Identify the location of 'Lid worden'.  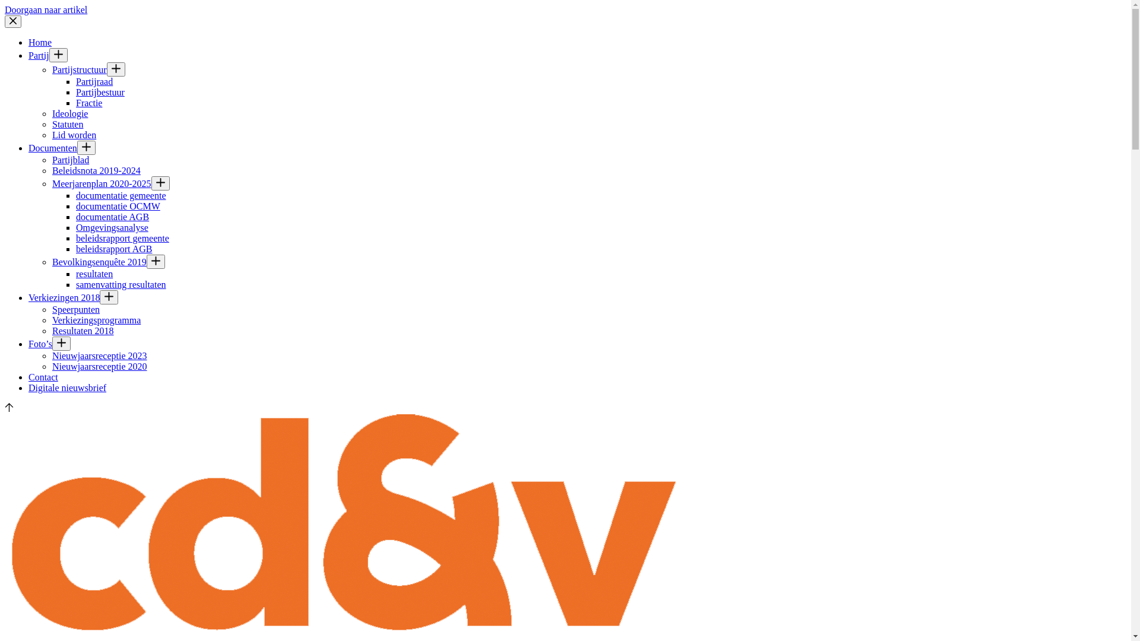
(73, 134).